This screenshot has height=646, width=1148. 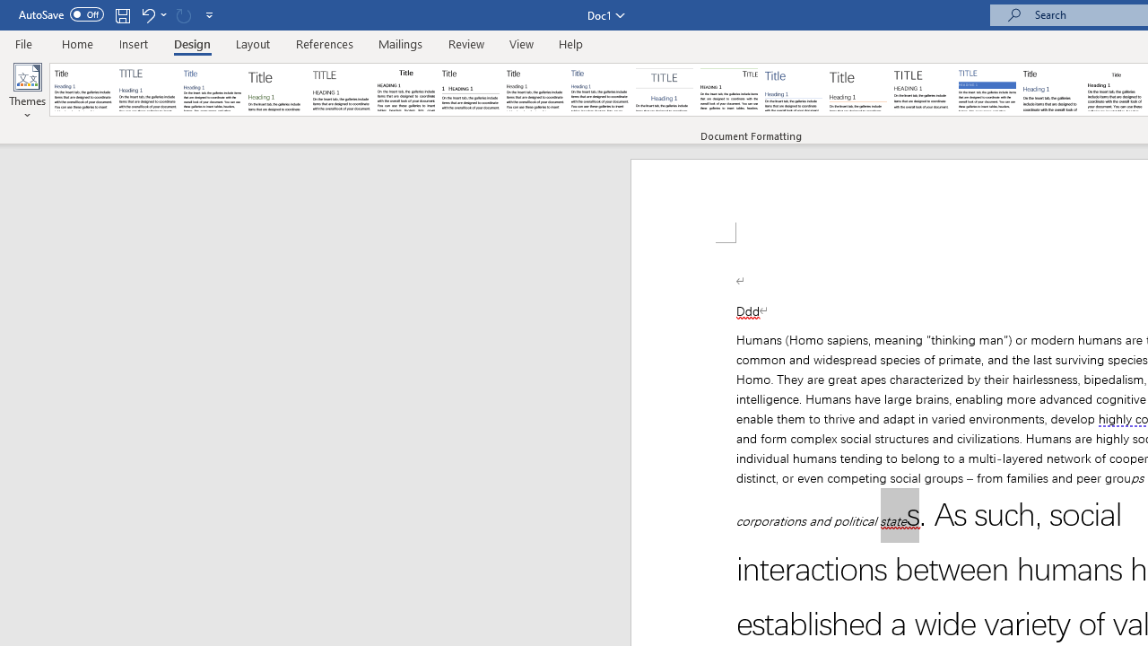 I want to click on 'Minimalist', so click(x=923, y=90).